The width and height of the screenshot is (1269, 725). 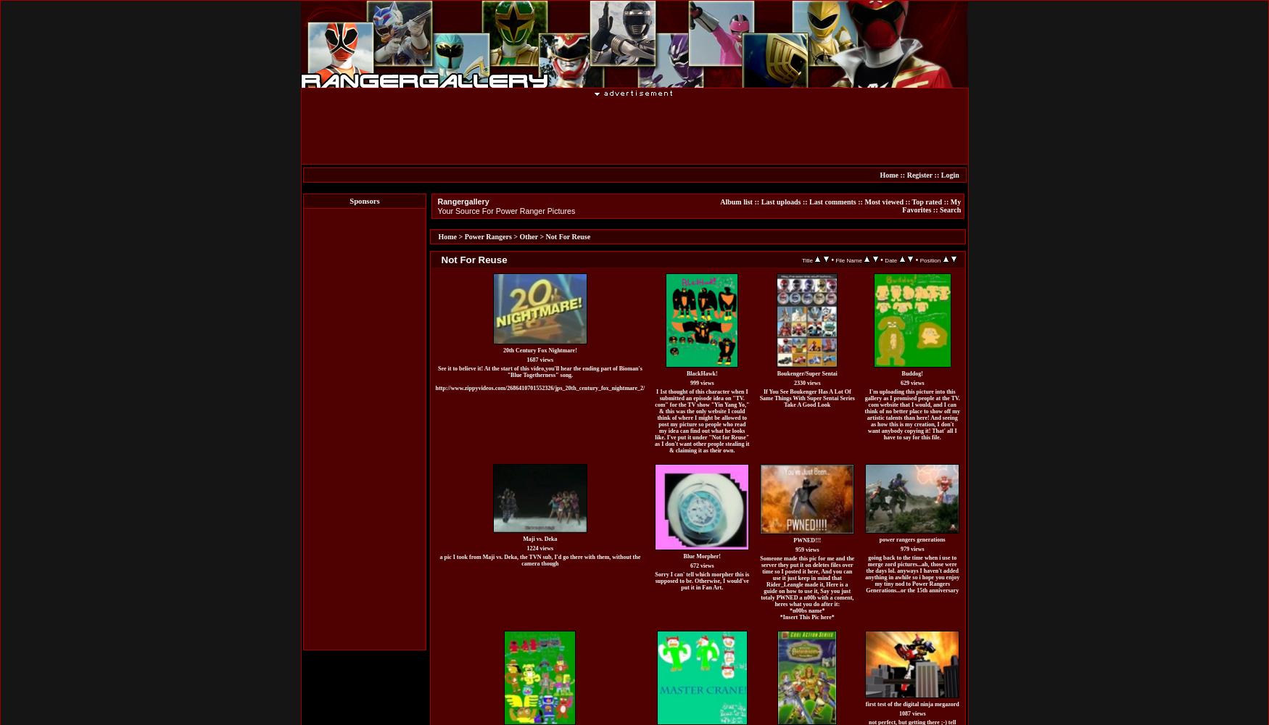 What do you see at coordinates (701, 420) in the screenshot?
I see `'I 1st thought of this character when I submitted an episode idea on "TV. com" for the TV show "Yin Yang Yo," & this was the only website I could think of where I might be allowed to post my picture so people who read my idea can find out what he looks like. I've put it under "Not for Reuse" as I don't want other people stealing it & claiming it as their own.'` at bounding box center [701, 420].